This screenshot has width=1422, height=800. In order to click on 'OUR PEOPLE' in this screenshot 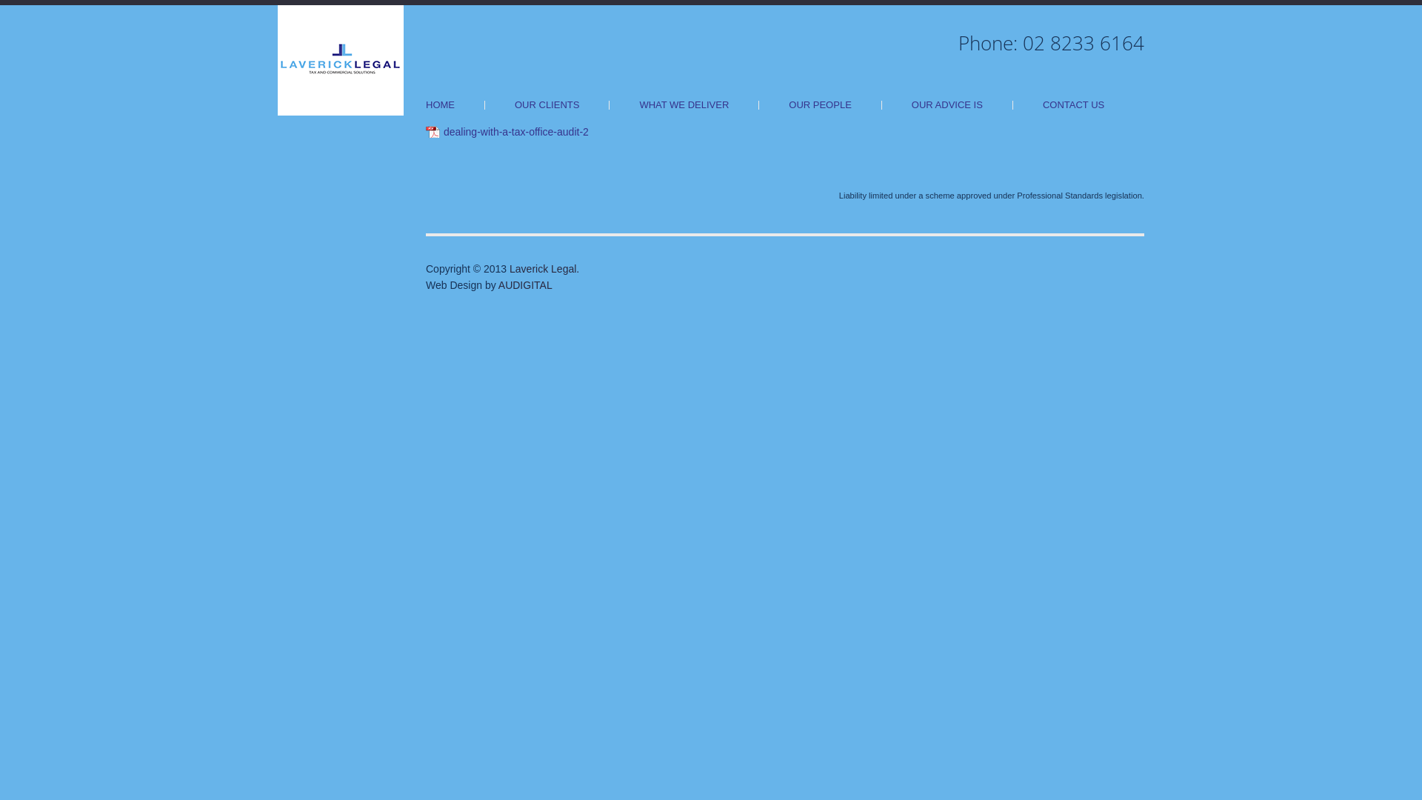, I will do `click(819, 104)`.